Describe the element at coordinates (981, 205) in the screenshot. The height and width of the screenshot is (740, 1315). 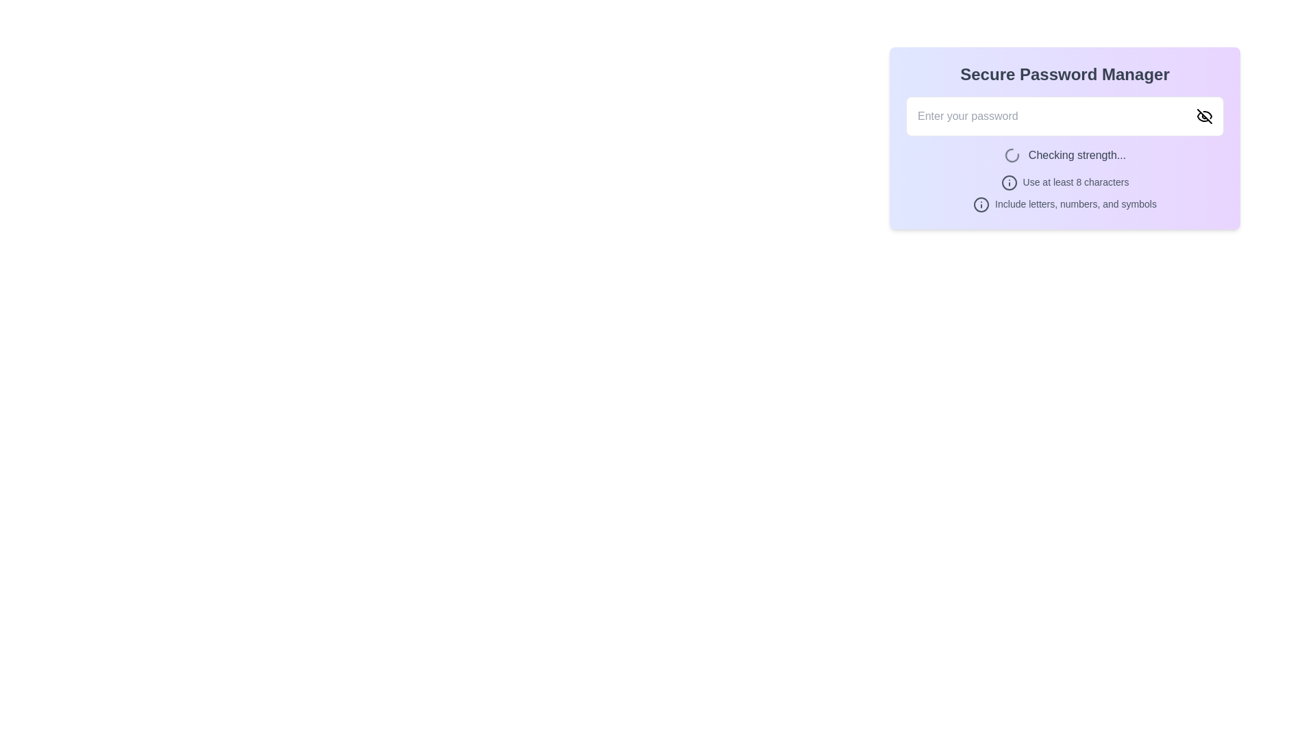
I see `the circular informational icon within the SVG graphic located near the bottom right of the password manager interface` at that location.